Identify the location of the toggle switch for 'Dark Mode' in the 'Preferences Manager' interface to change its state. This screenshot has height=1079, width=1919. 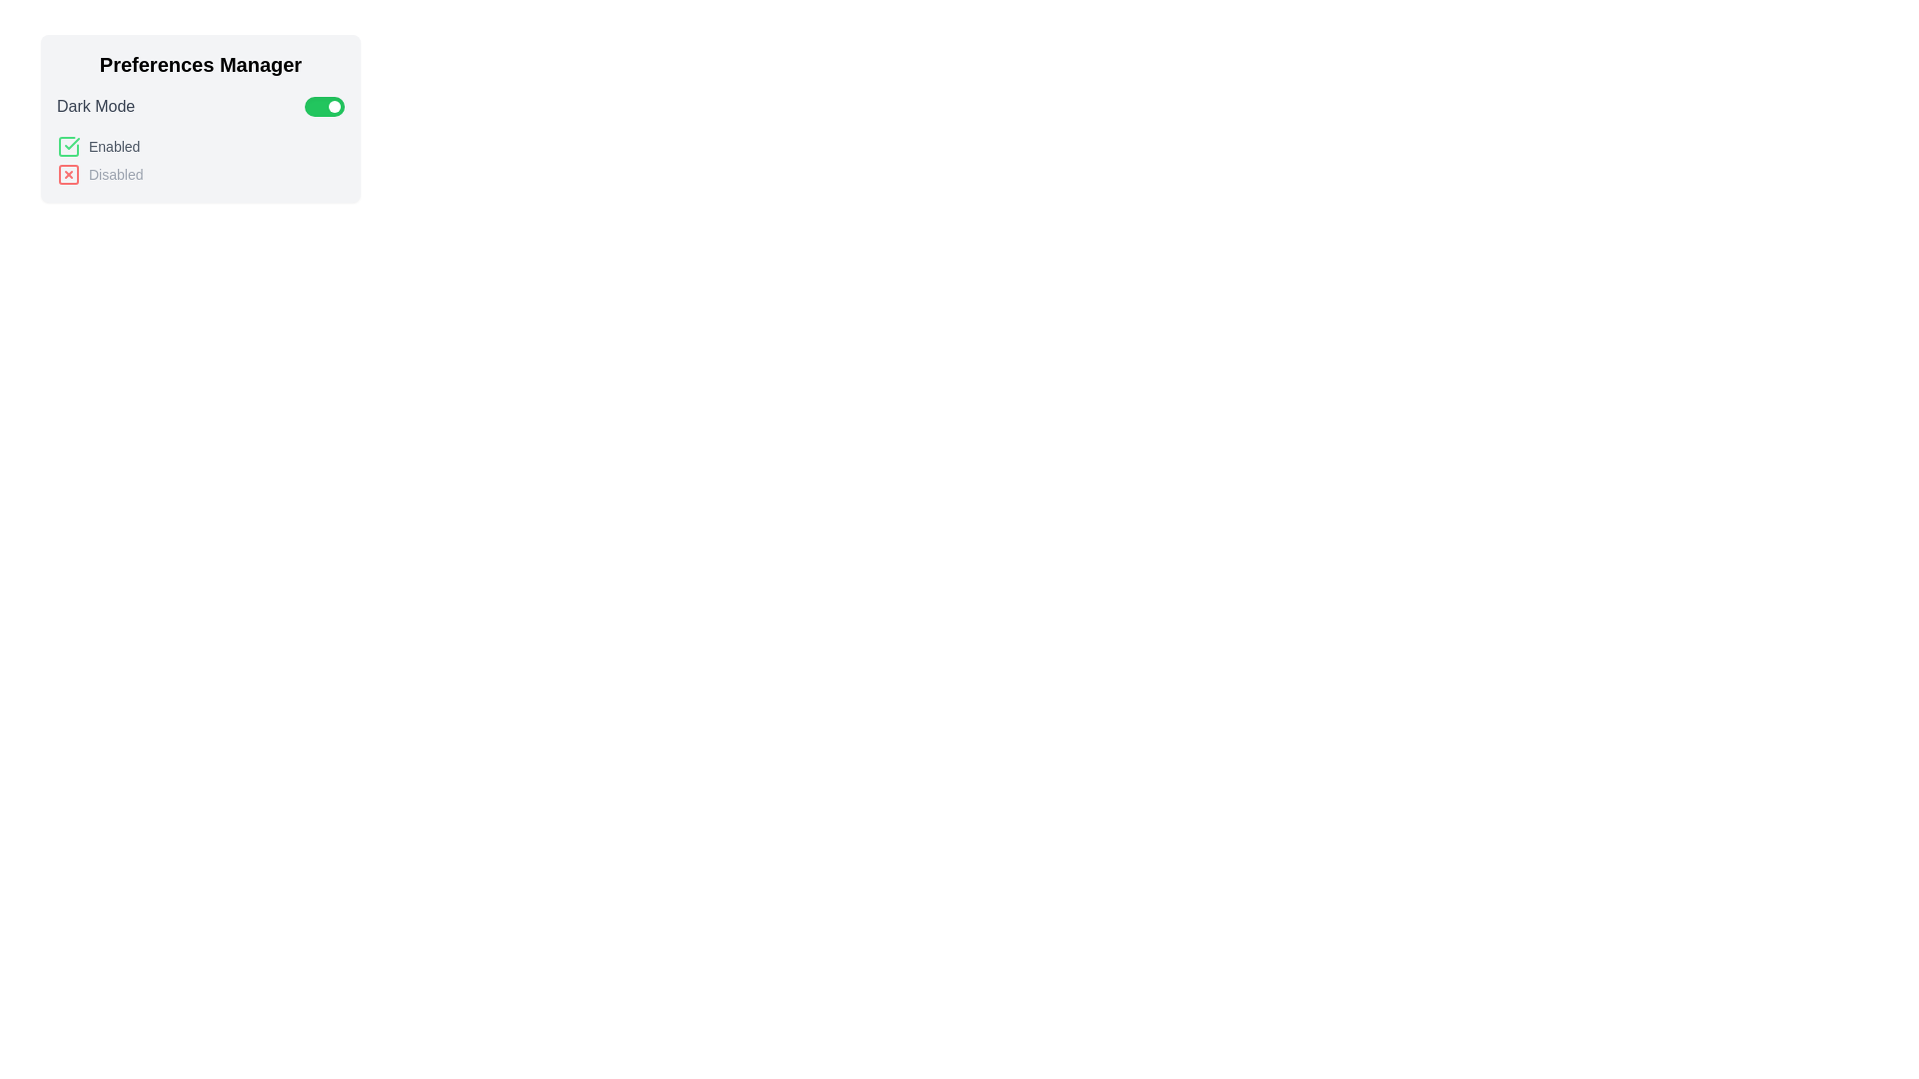
(325, 107).